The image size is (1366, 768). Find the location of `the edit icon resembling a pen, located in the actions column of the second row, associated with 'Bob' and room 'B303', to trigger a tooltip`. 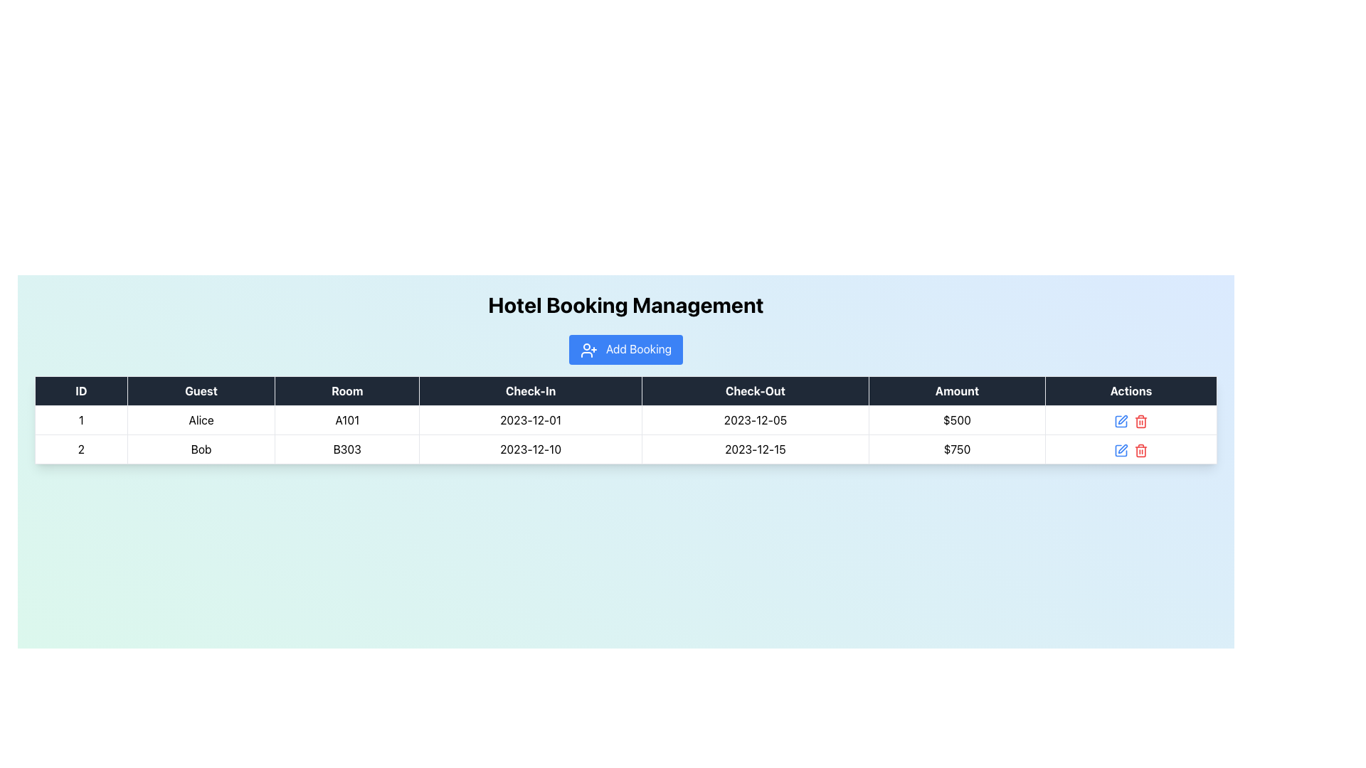

the edit icon resembling a pen, located in the actions column of the second row, associated with 'Bob' and room 'B303', to trigger a tooltip is located at coordinates (1122, 449).